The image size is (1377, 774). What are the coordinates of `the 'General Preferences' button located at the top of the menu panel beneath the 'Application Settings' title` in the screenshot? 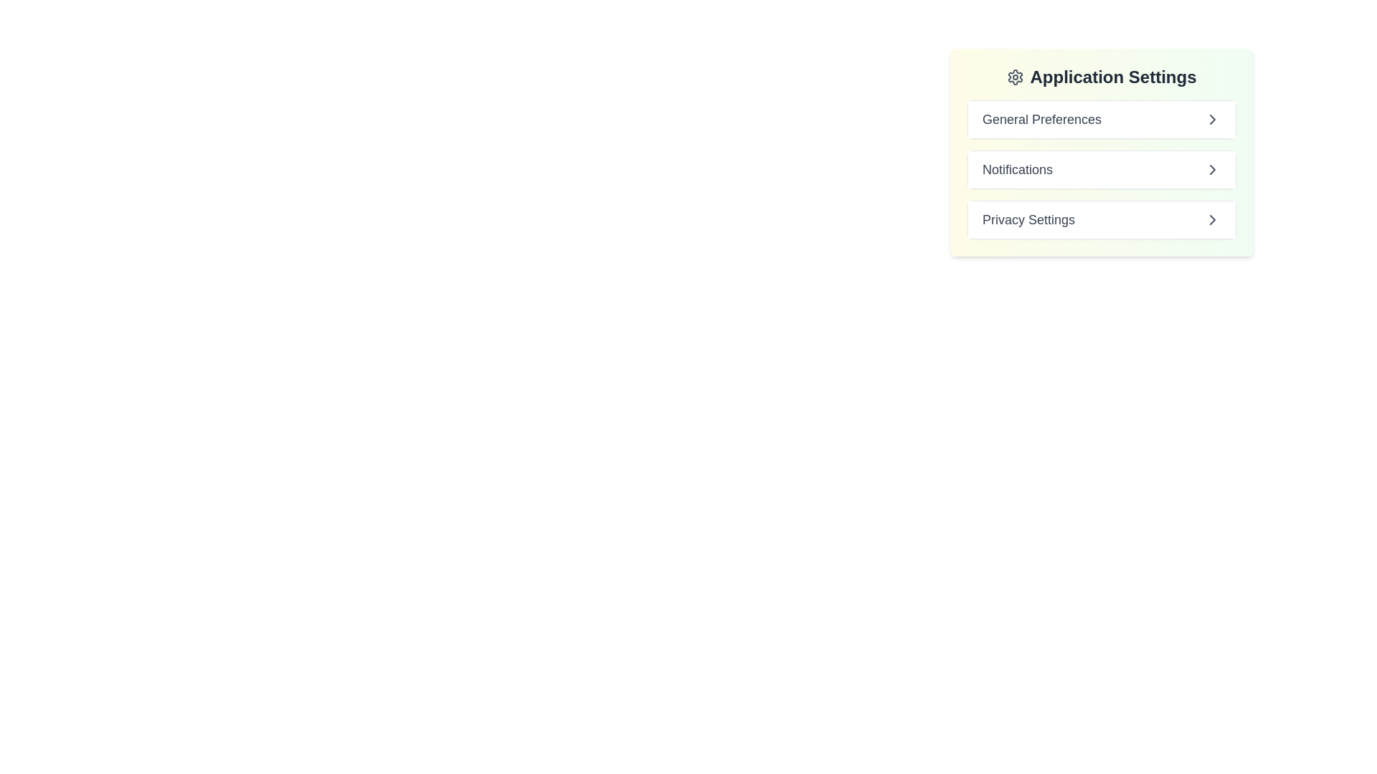 It's located at (1101, 118).